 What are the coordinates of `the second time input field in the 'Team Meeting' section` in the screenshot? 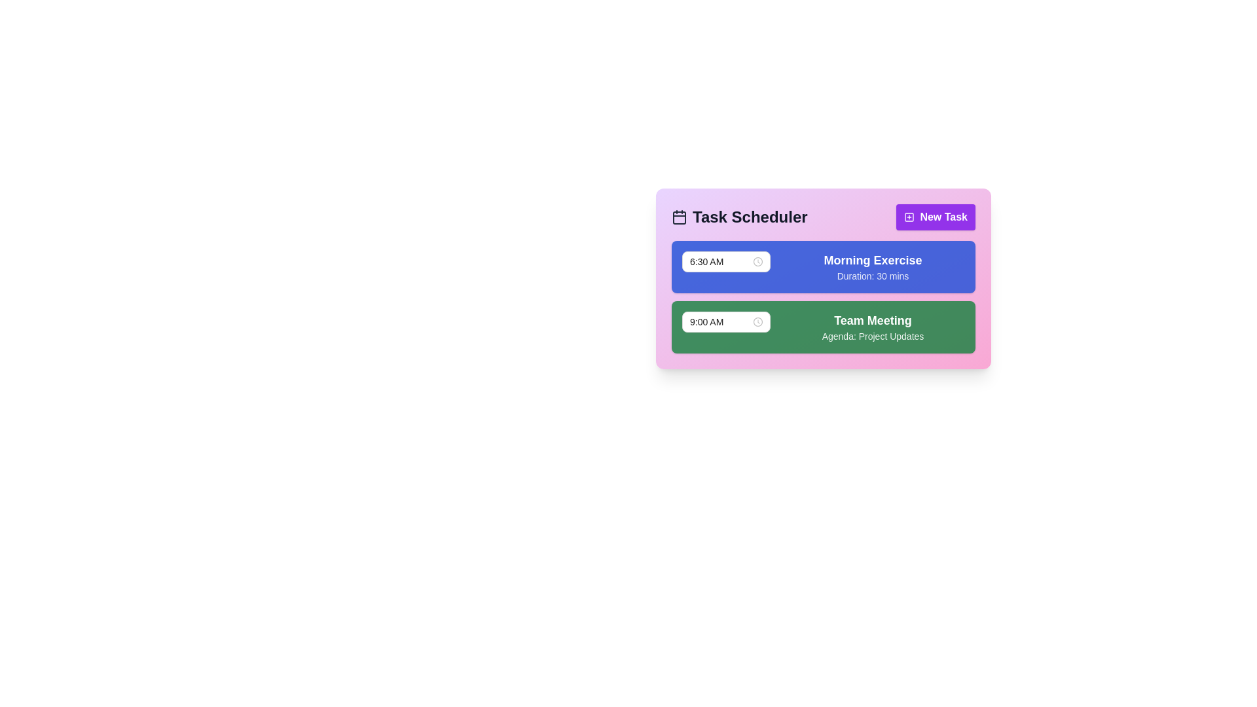 It's located at (725, 322).